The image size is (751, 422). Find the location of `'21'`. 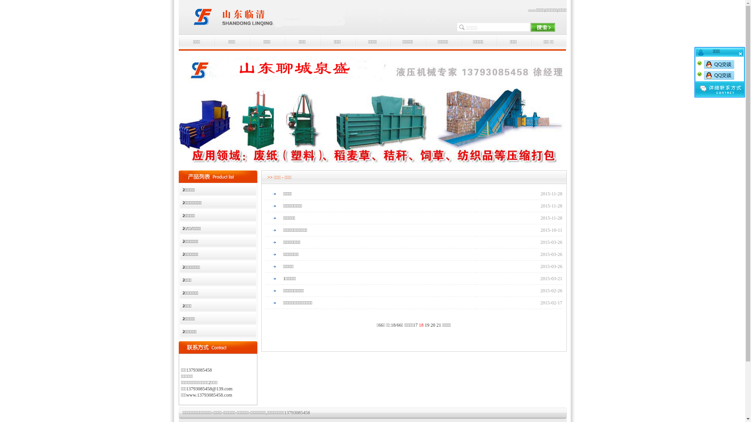

'21' is located at coordinates (439, 325).